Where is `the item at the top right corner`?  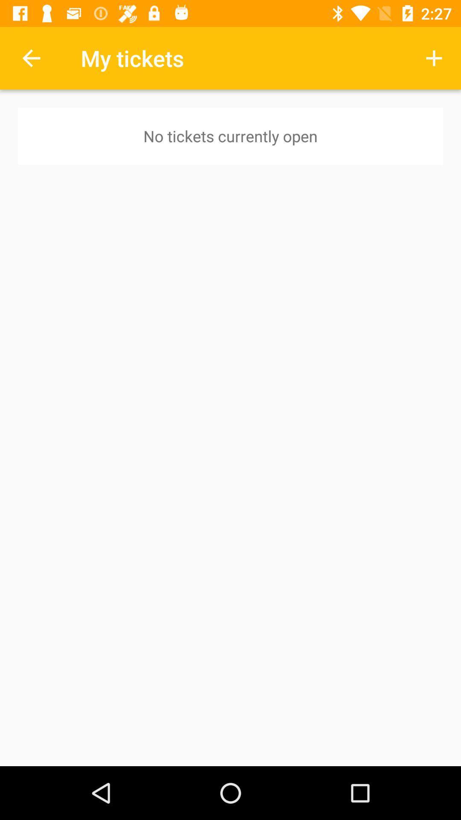
the item at the top right corner is located at coordinates (434, 58).